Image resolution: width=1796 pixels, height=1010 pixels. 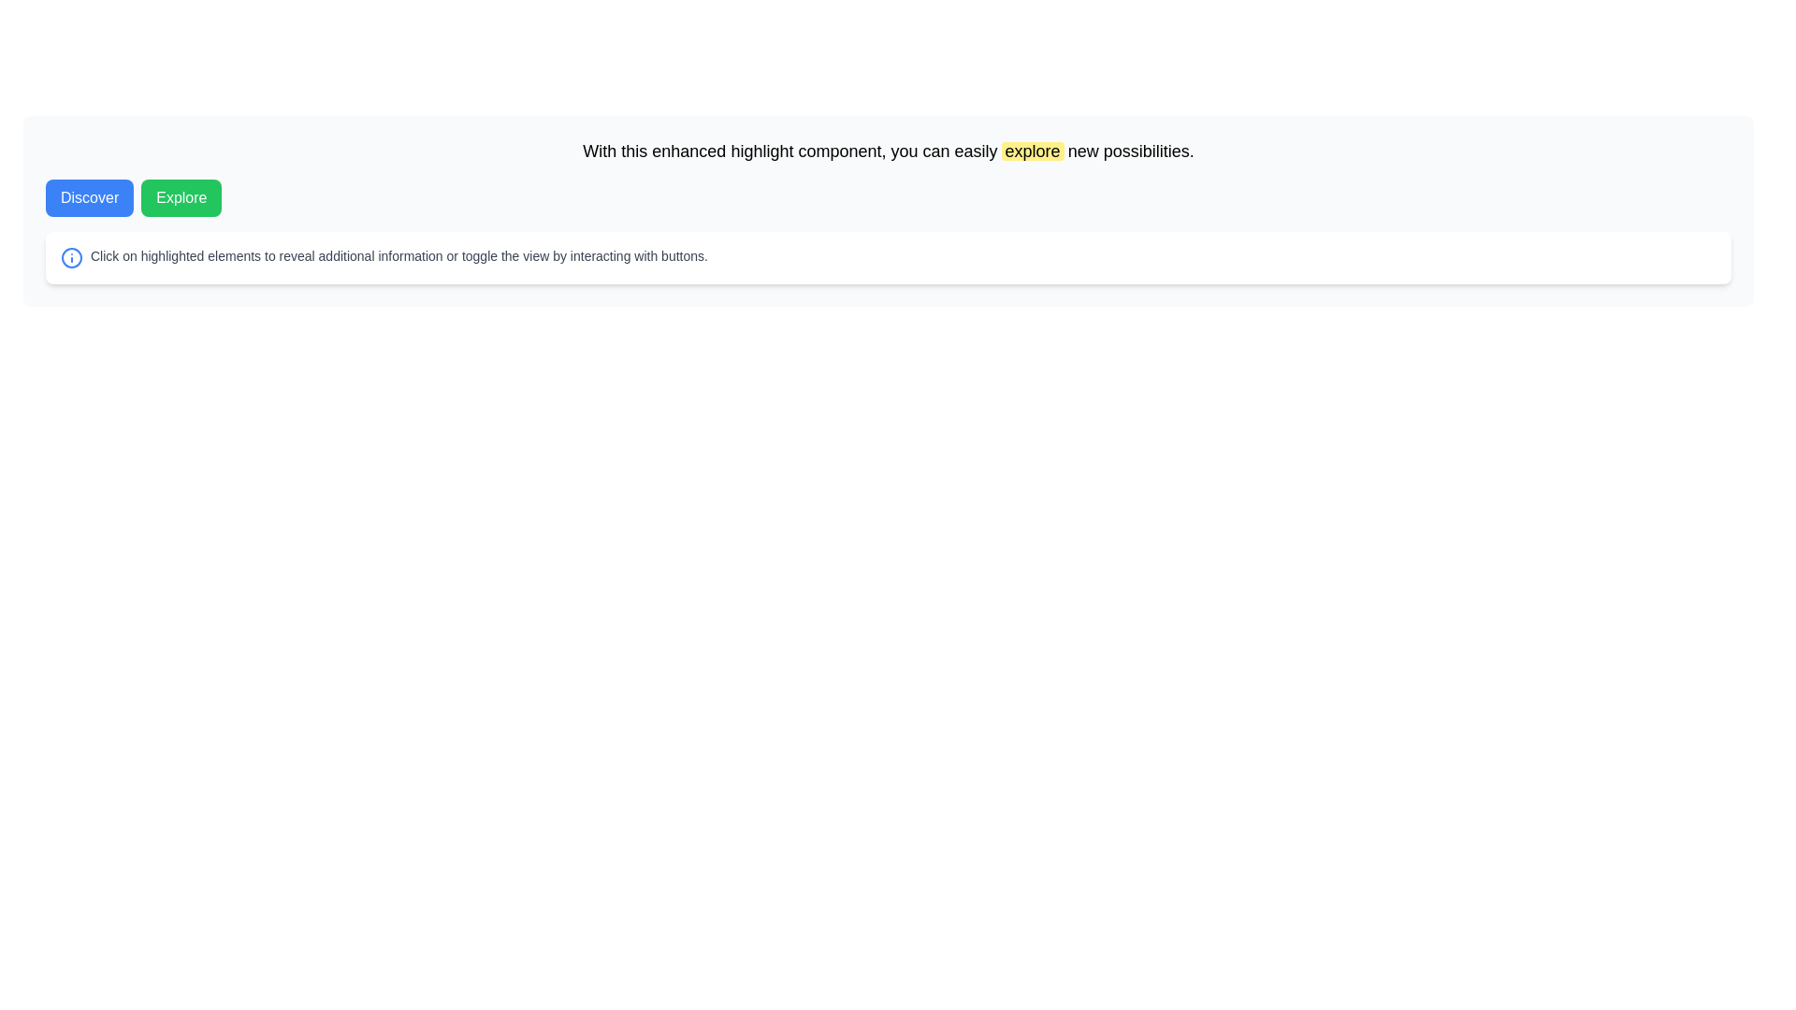 I want to click on the 'Explore' button, which is a green rectangular button with rounded corners, displaying white bold text, to interact with its hover effect, so click(x=181, y=198).